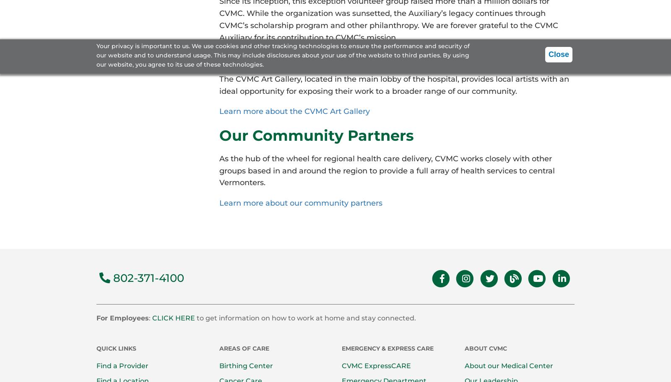  Describe the element at coordinates (266, 58) in the screenshot. I see `'CVMC Art Gallery'` at that location.